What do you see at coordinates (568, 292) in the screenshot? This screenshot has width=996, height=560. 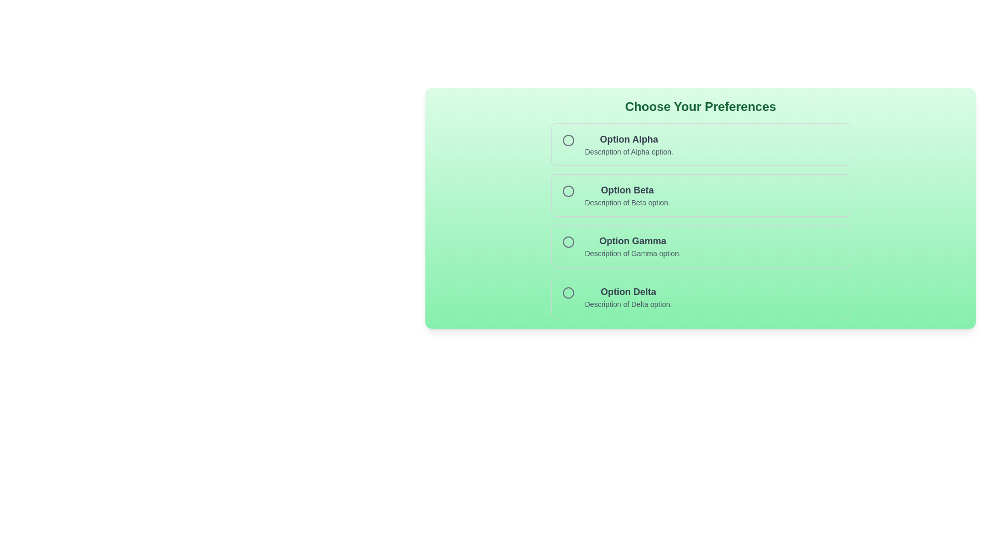 I see `the radio button for 'Option Delta'` at bounding box center [568, 292].